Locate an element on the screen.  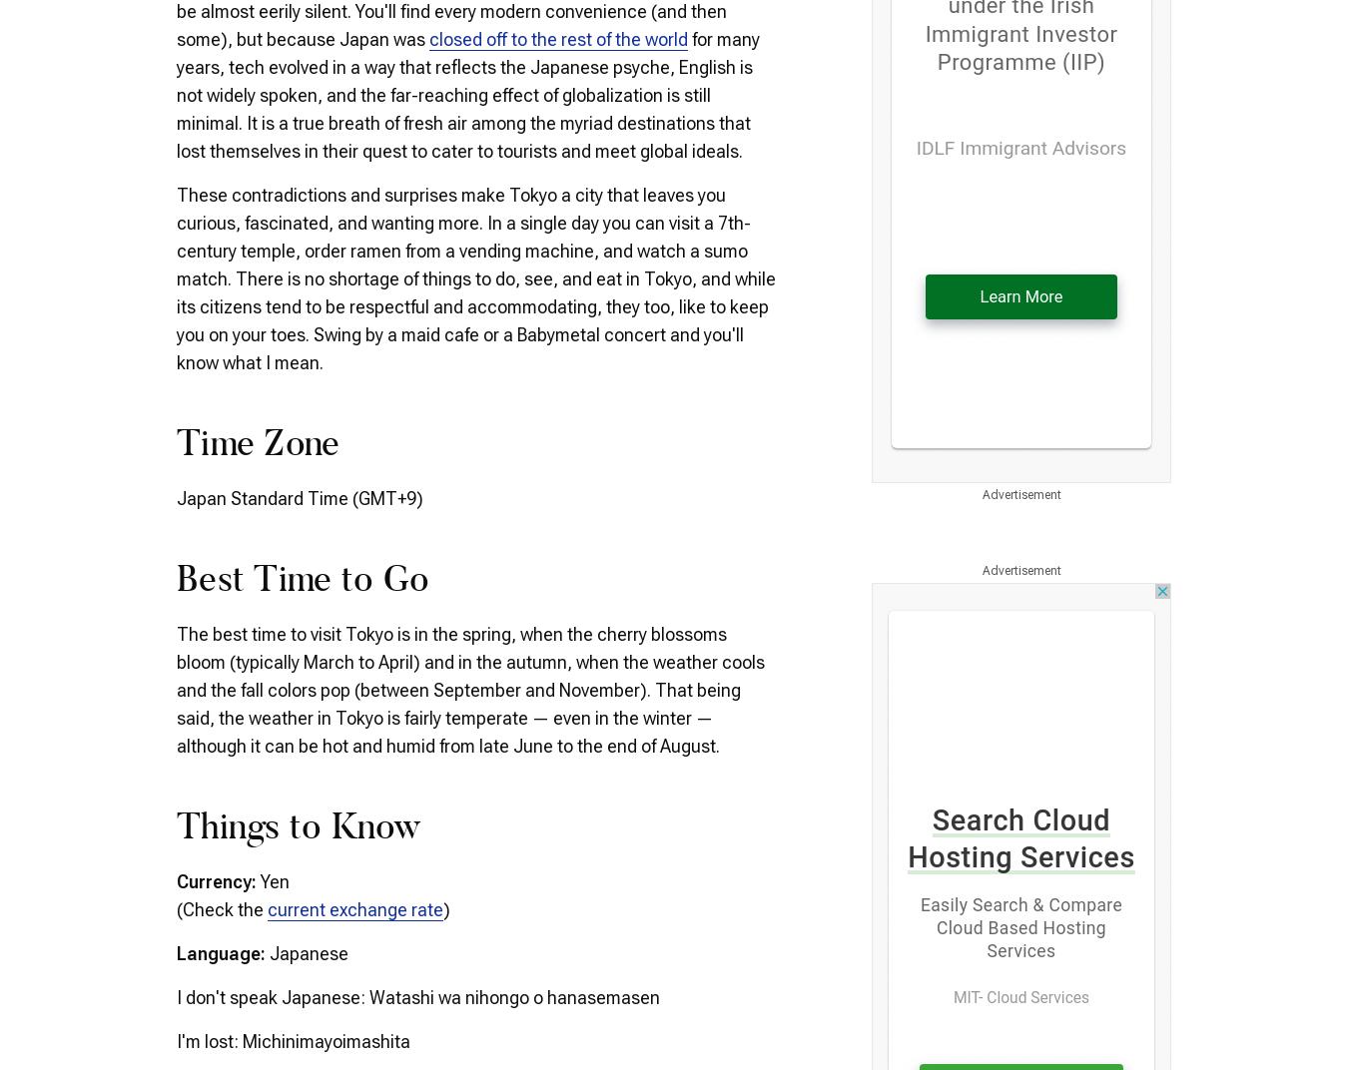
'Language:' is located at coordinates (223, 951).